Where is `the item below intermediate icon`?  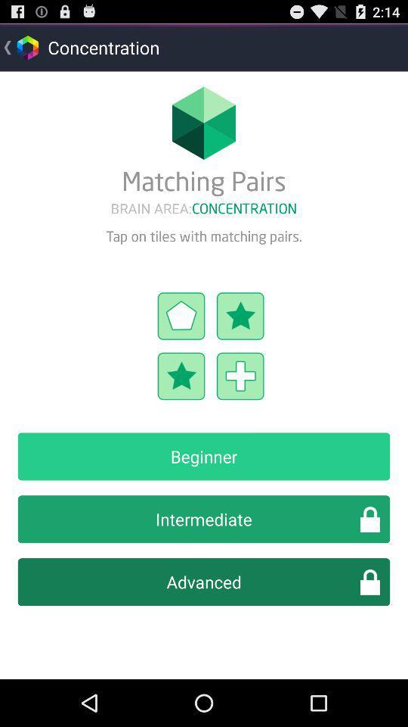 the item below intermediate icon is located at coordinates (204, 581).